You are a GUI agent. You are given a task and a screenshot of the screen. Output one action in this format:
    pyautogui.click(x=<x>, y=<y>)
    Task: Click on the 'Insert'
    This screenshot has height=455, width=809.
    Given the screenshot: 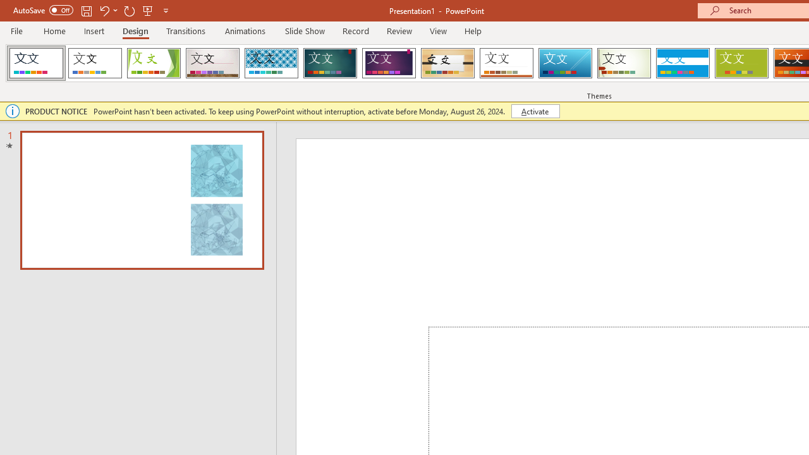 What is the action you would take?
    pyautogui.click(x=94, y=30)
    